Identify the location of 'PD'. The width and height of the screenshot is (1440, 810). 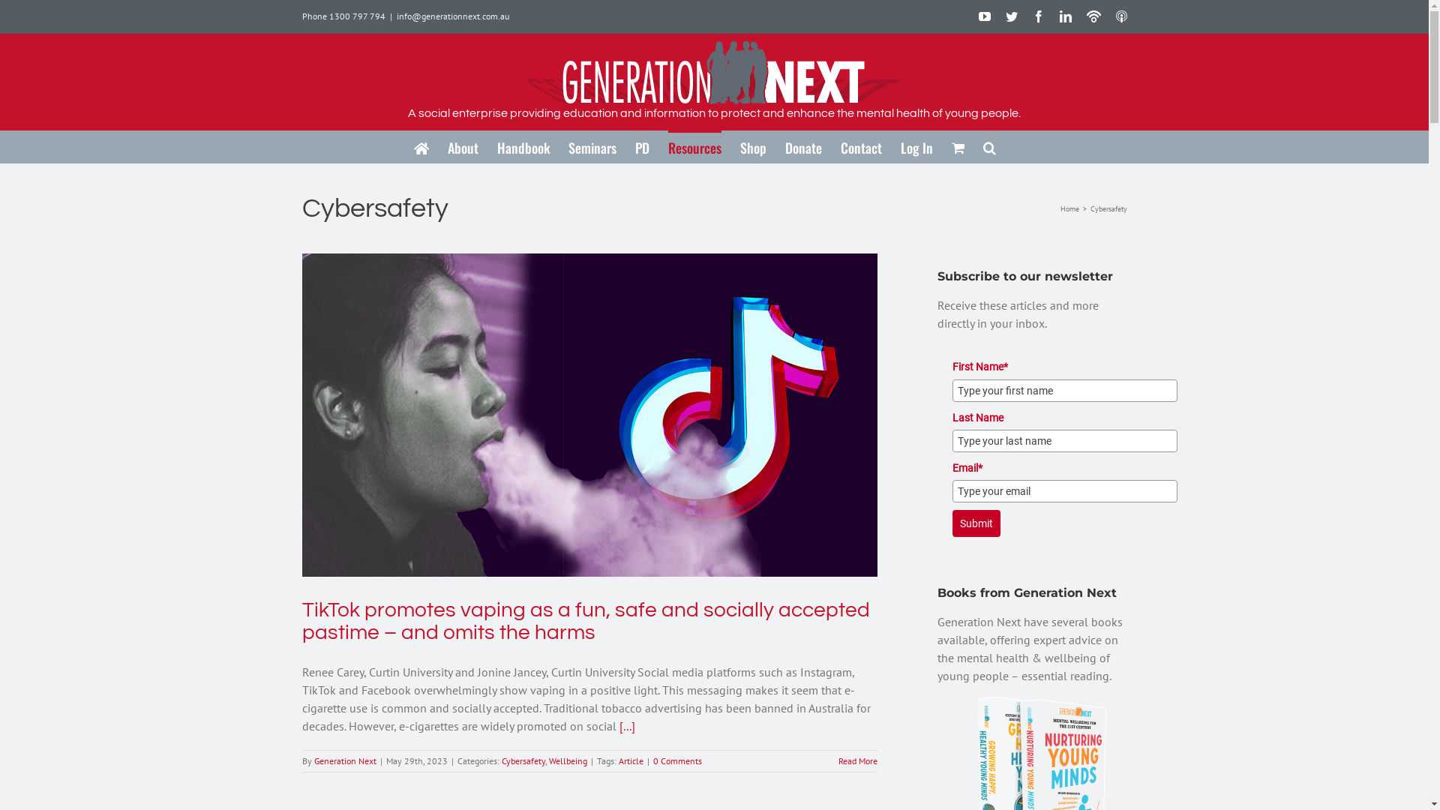
(634, 146).